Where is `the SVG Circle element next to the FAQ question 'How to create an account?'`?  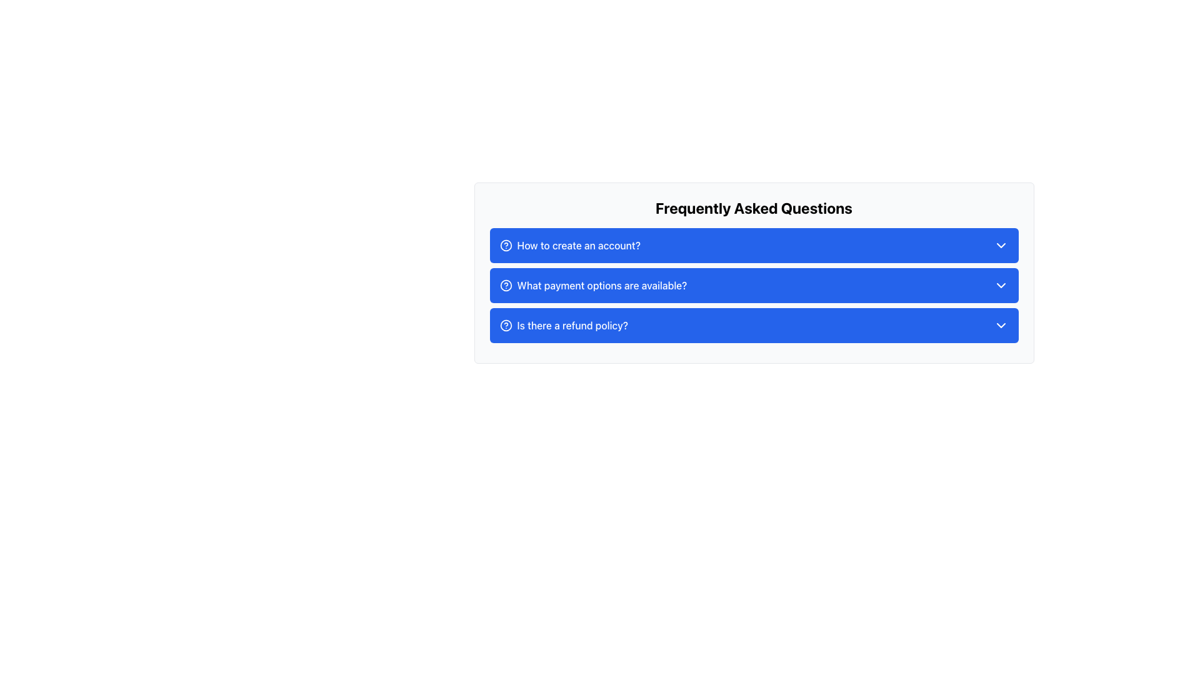
the SVG Circle element next to the FAQ question 'How to create an account?' is located at coordinates (506, 246).